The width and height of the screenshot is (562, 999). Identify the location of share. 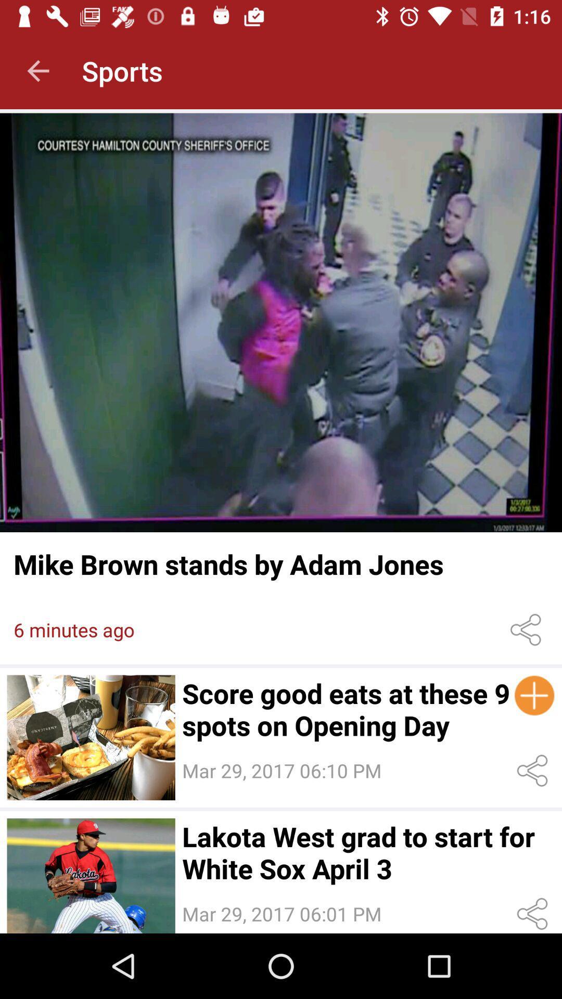
(528, 629).